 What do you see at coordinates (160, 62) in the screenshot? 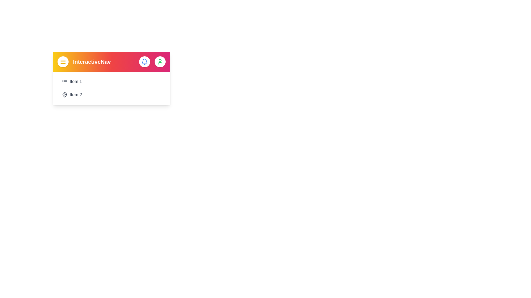
I see `the User icon to access user settings` at bounding box center [160, 62].